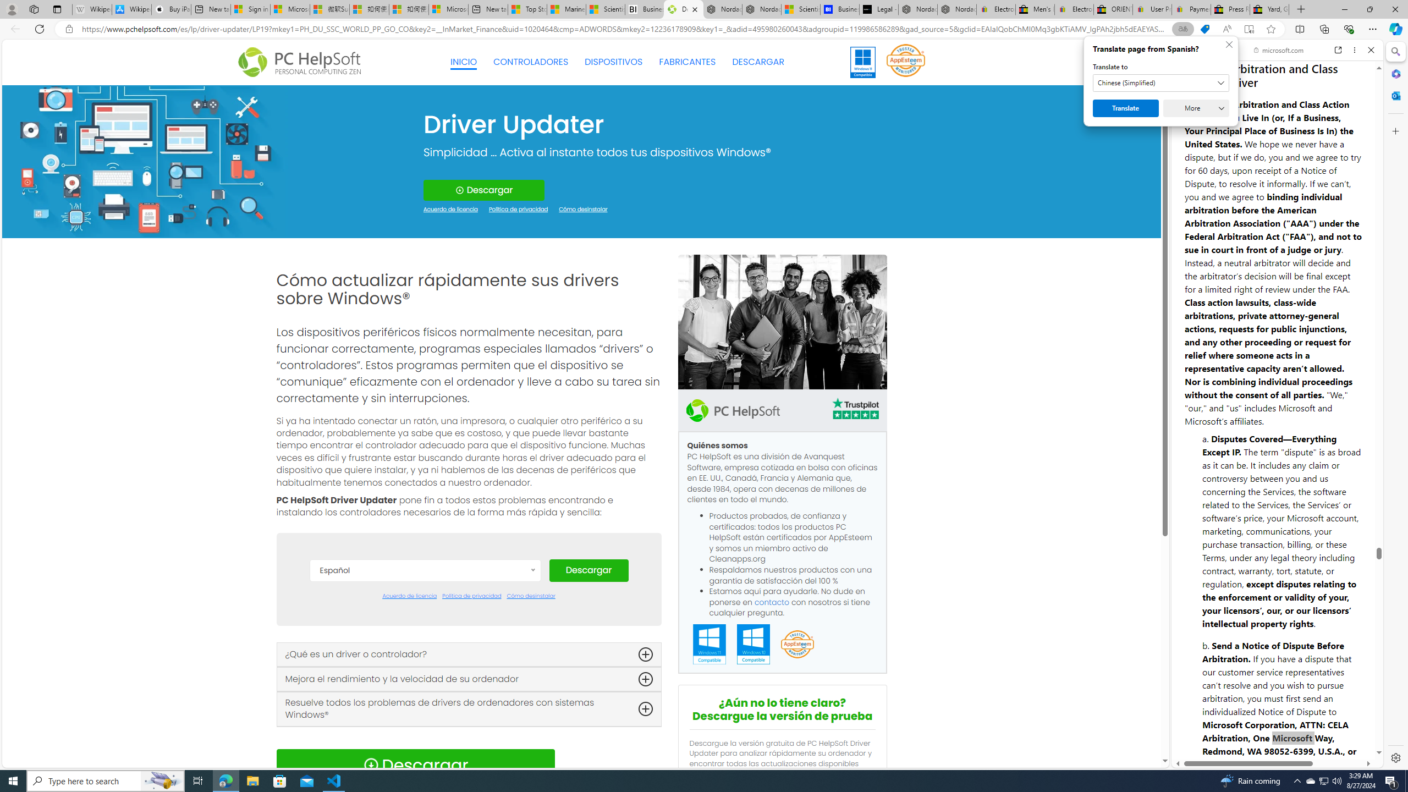 Image resolution: width=1408 pixels, height=792 pixels. Describe the element at coordinates (1125, 108) in the screenshot. I see `'Translate'` at that location.